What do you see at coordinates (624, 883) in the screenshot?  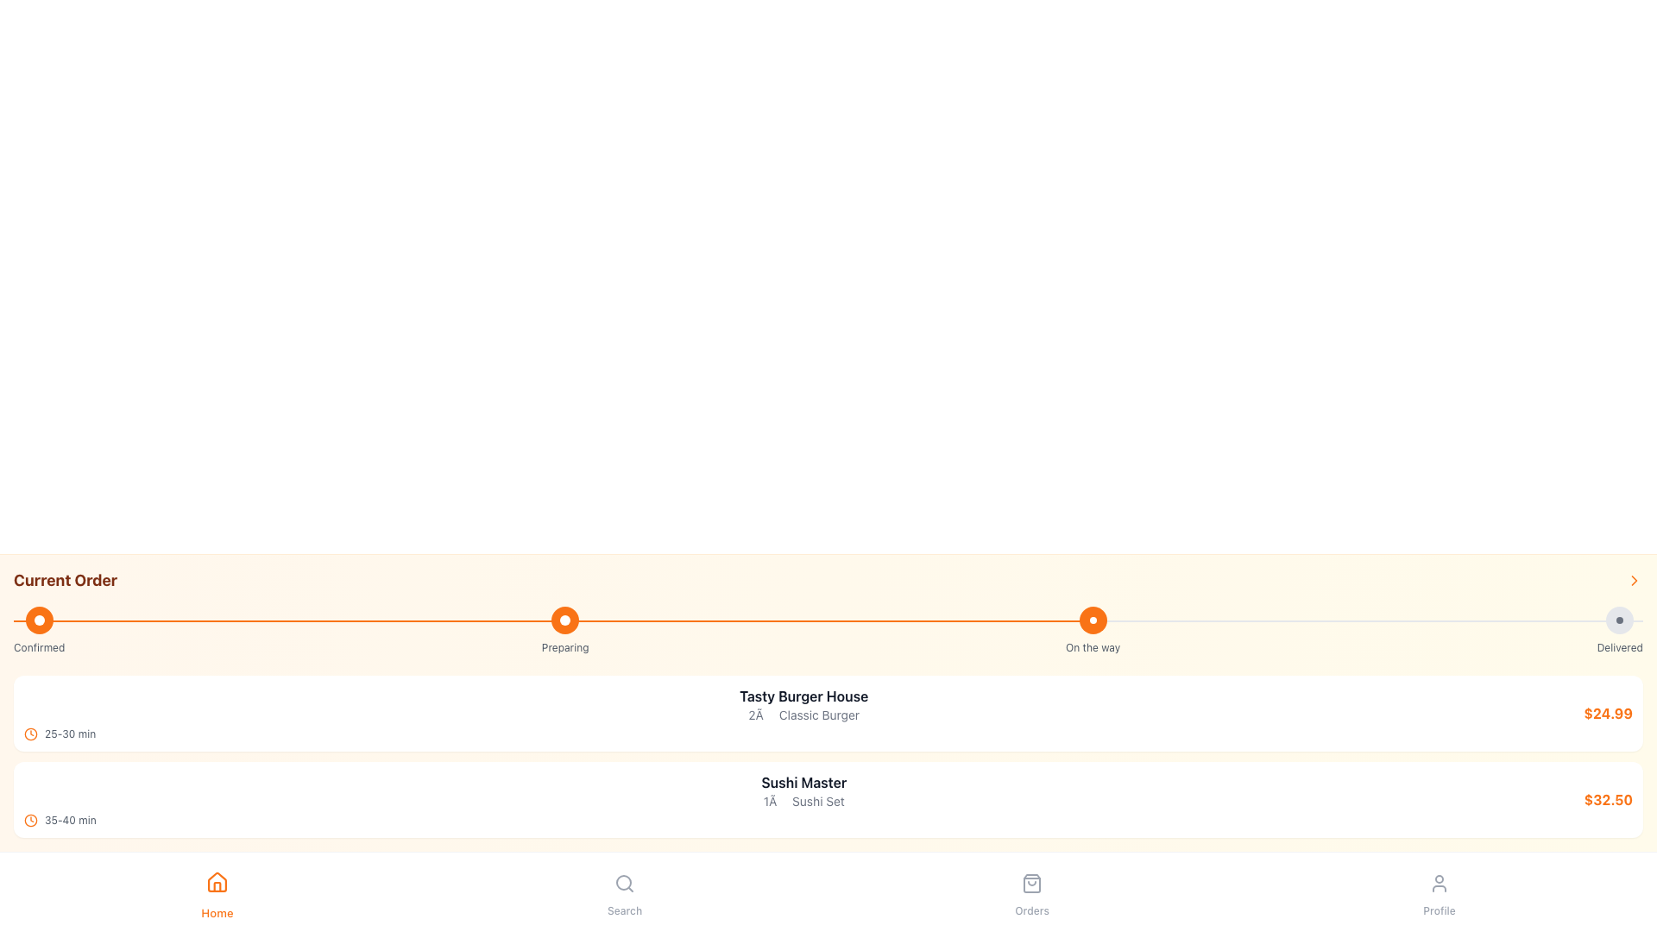 I see `the search icon located centrally within the 'Search' button in the bottom navigation bar` at bounding box center [624, 883].